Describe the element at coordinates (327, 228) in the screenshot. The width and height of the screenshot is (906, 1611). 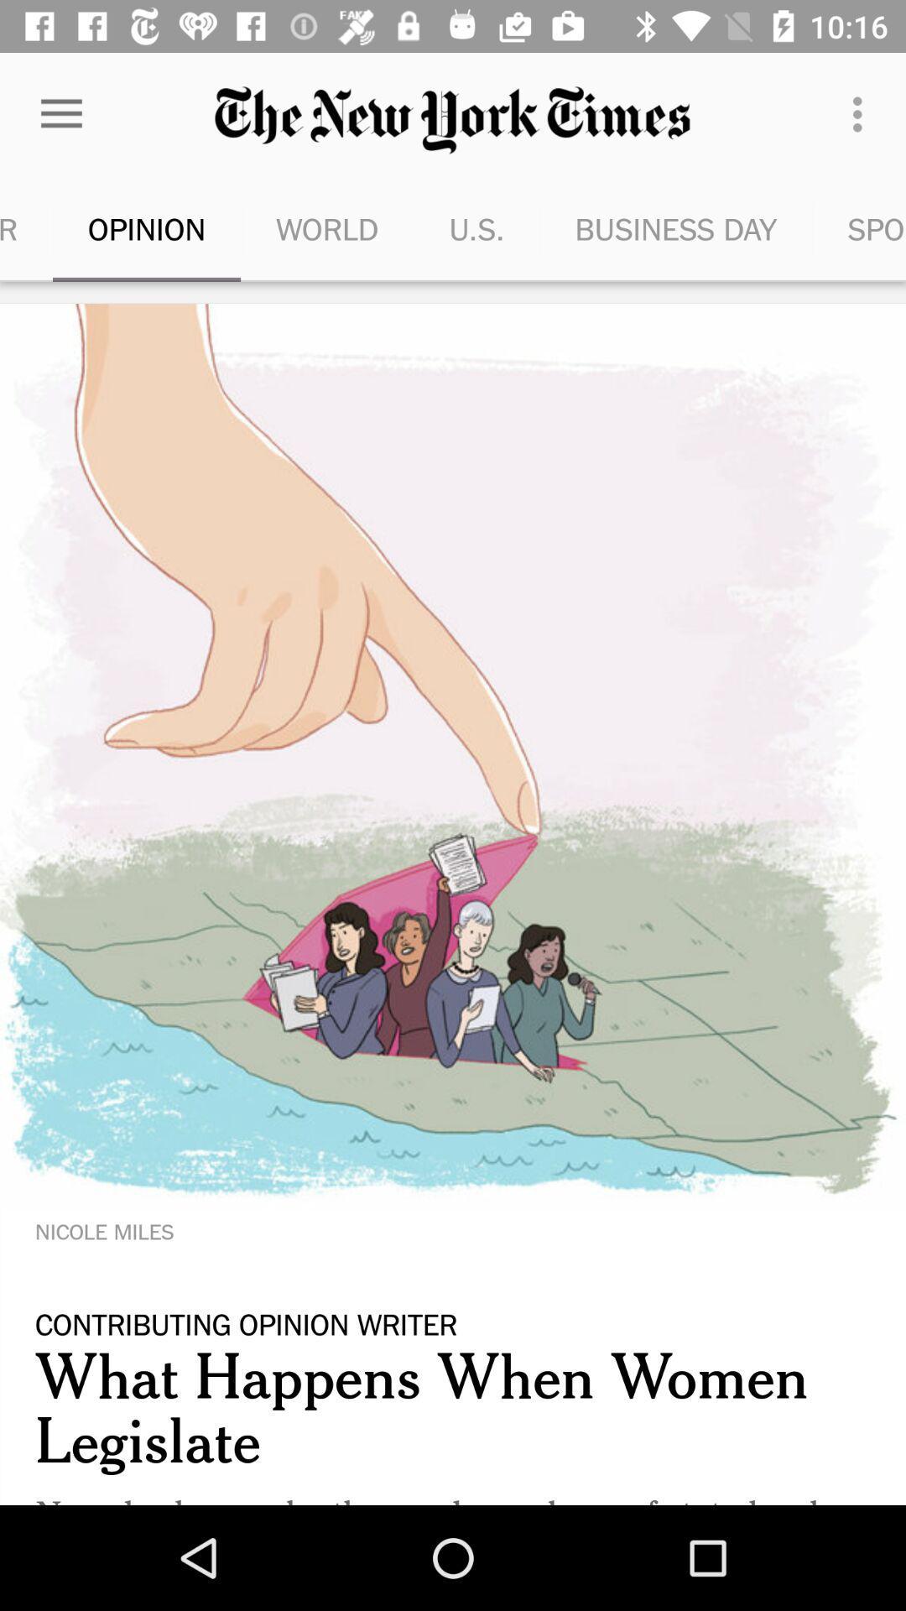
I see `the icon next to opinion` at that location.